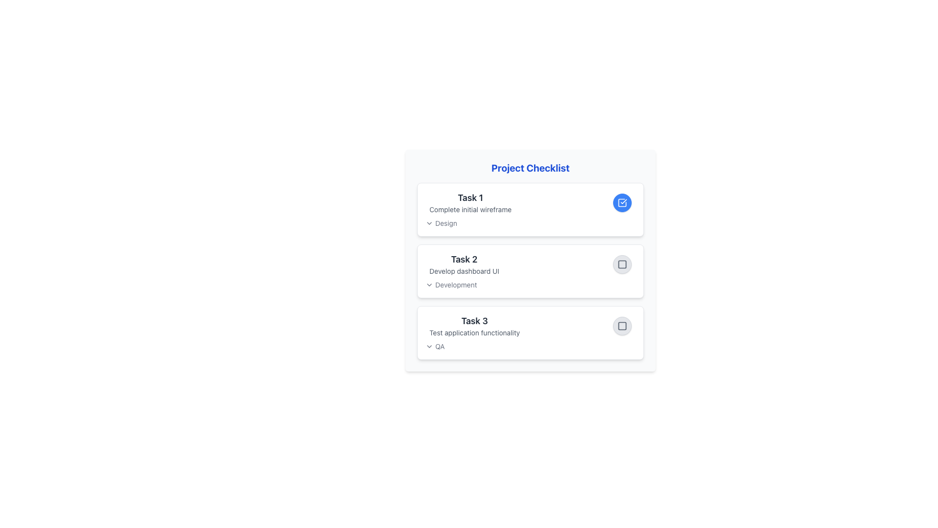 Image resolution: width=938 pixels, height=528 pixels. What do you see at coordinates (621, 326) in the screenshot?
I see `the status indicator icon for 'Task 3' located at the right end of the card header in the 'Task 3 - Test application functionality' task card` at bounding box center [621, 326].